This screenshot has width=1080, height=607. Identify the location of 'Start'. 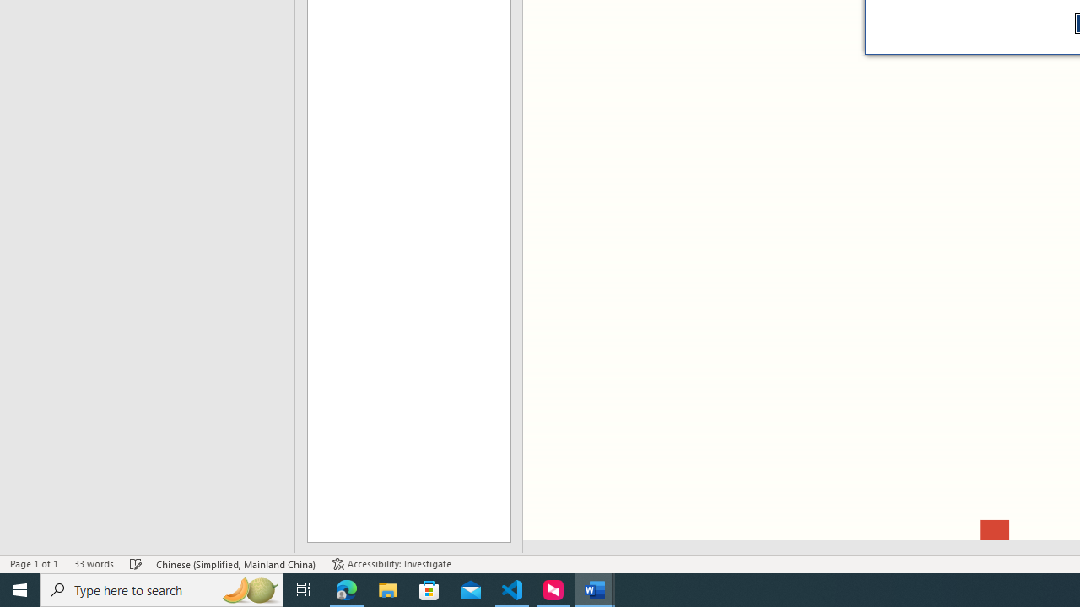
(20, 588).